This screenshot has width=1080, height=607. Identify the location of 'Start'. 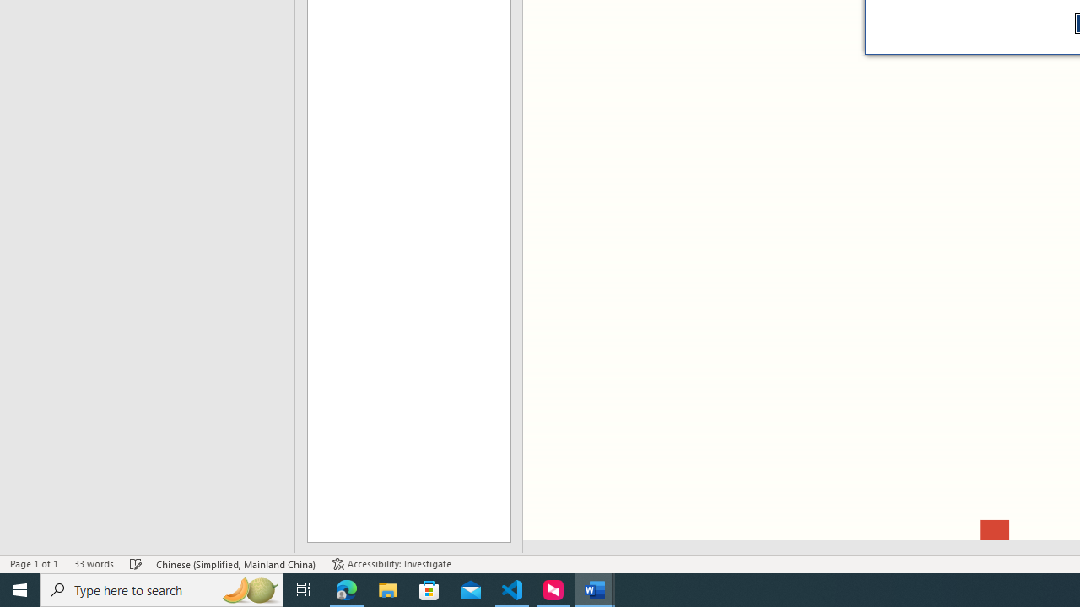
(20, 588).